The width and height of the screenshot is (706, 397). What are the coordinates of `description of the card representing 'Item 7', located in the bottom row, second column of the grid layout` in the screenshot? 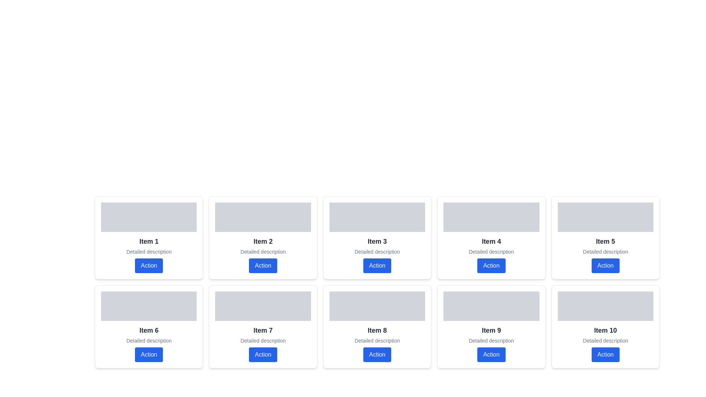 It's located at (263, 326).